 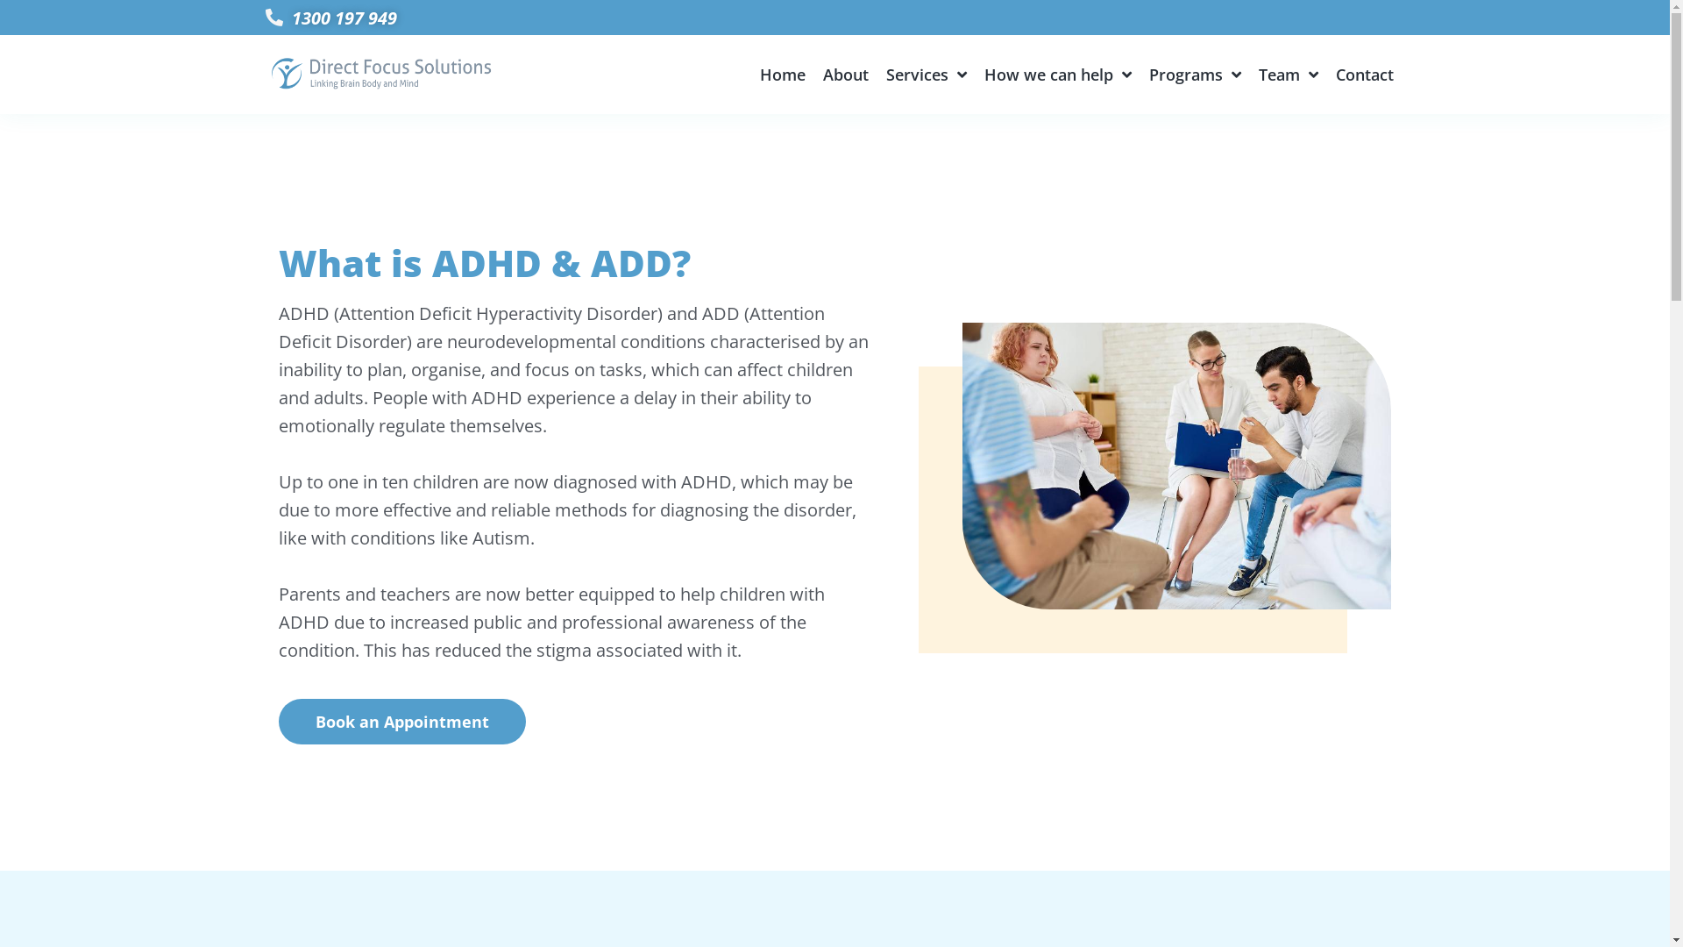 What do you see at coordinates (833, 17) in the screenshot?
I see `'1300 197 949'` at bounding box center [833, 17].